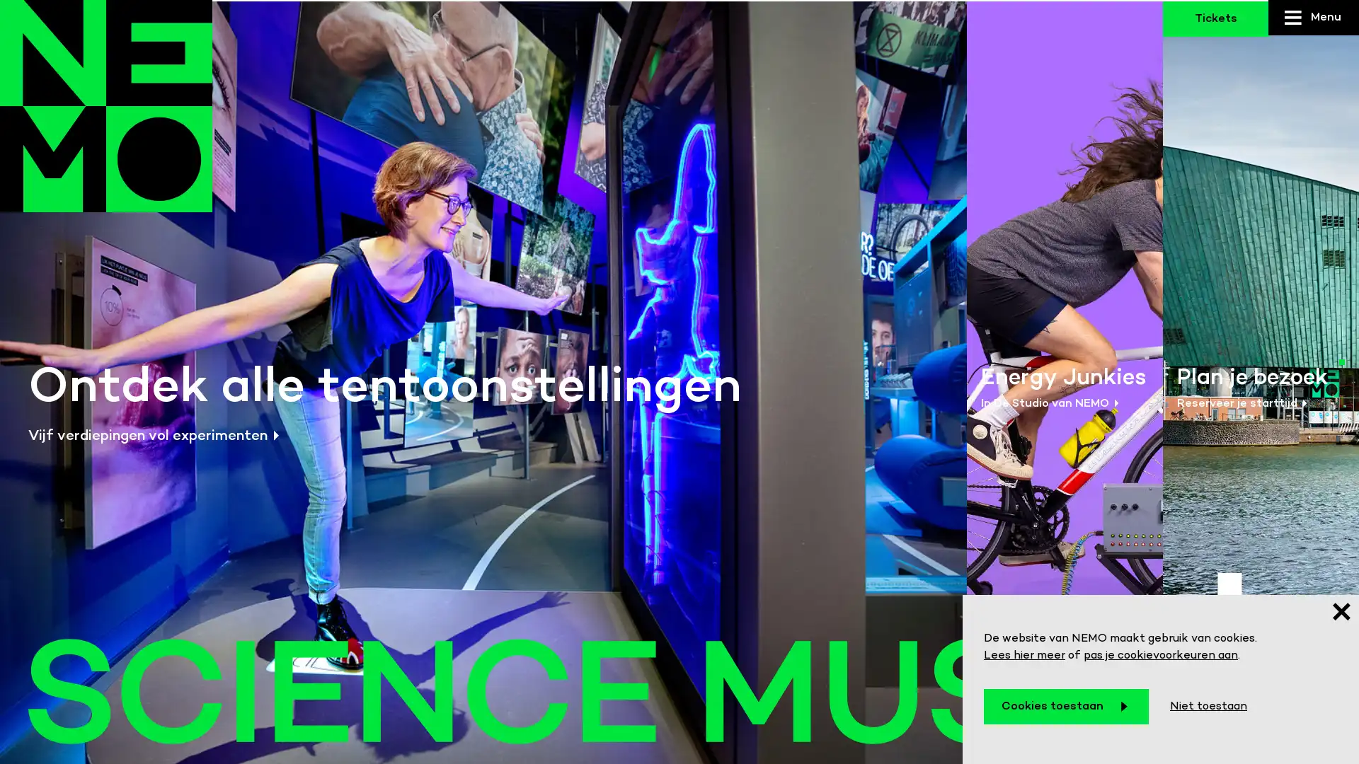 This screenshot has width=1359, height=764. I want to click on Niet toestaan, so click(1208, 707).